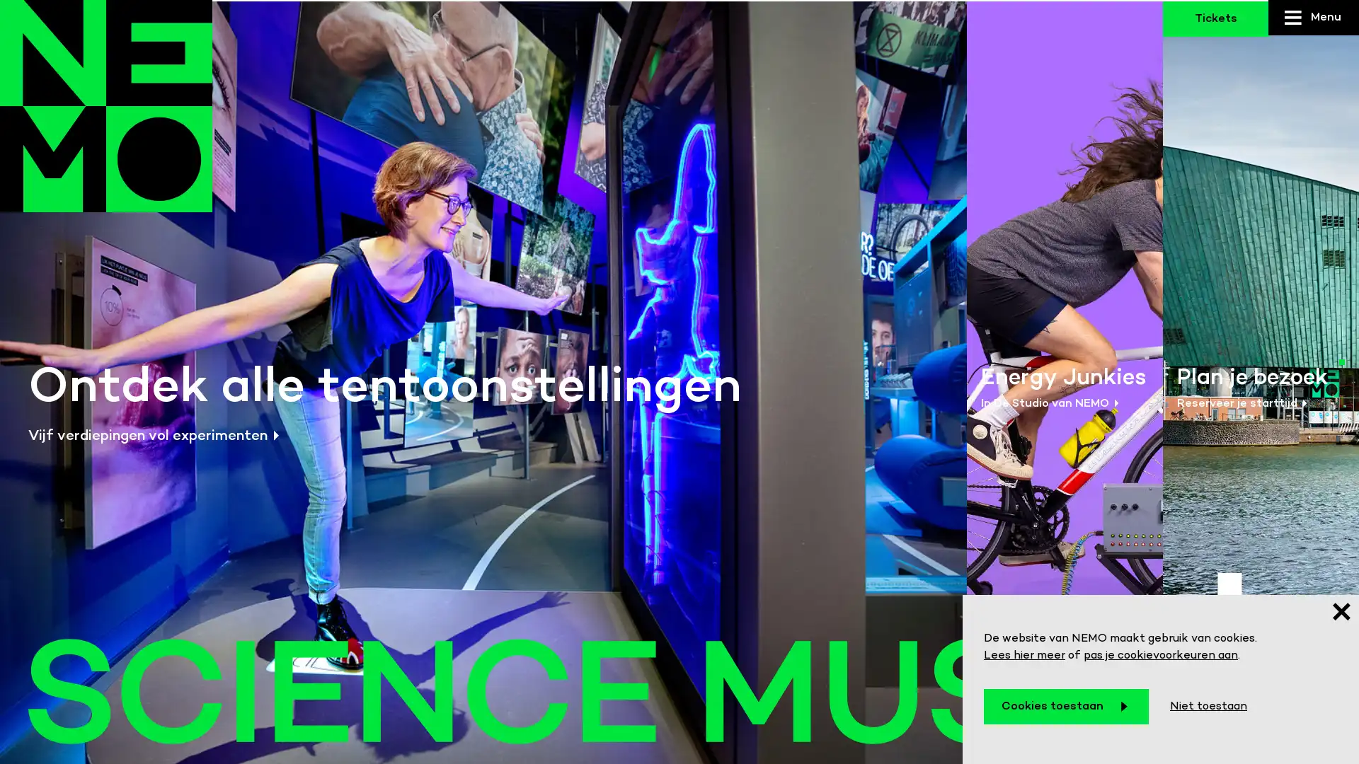 This screenshot has width=1359, height=764. I want to click on Niet toestaan, so click(1208, 707).